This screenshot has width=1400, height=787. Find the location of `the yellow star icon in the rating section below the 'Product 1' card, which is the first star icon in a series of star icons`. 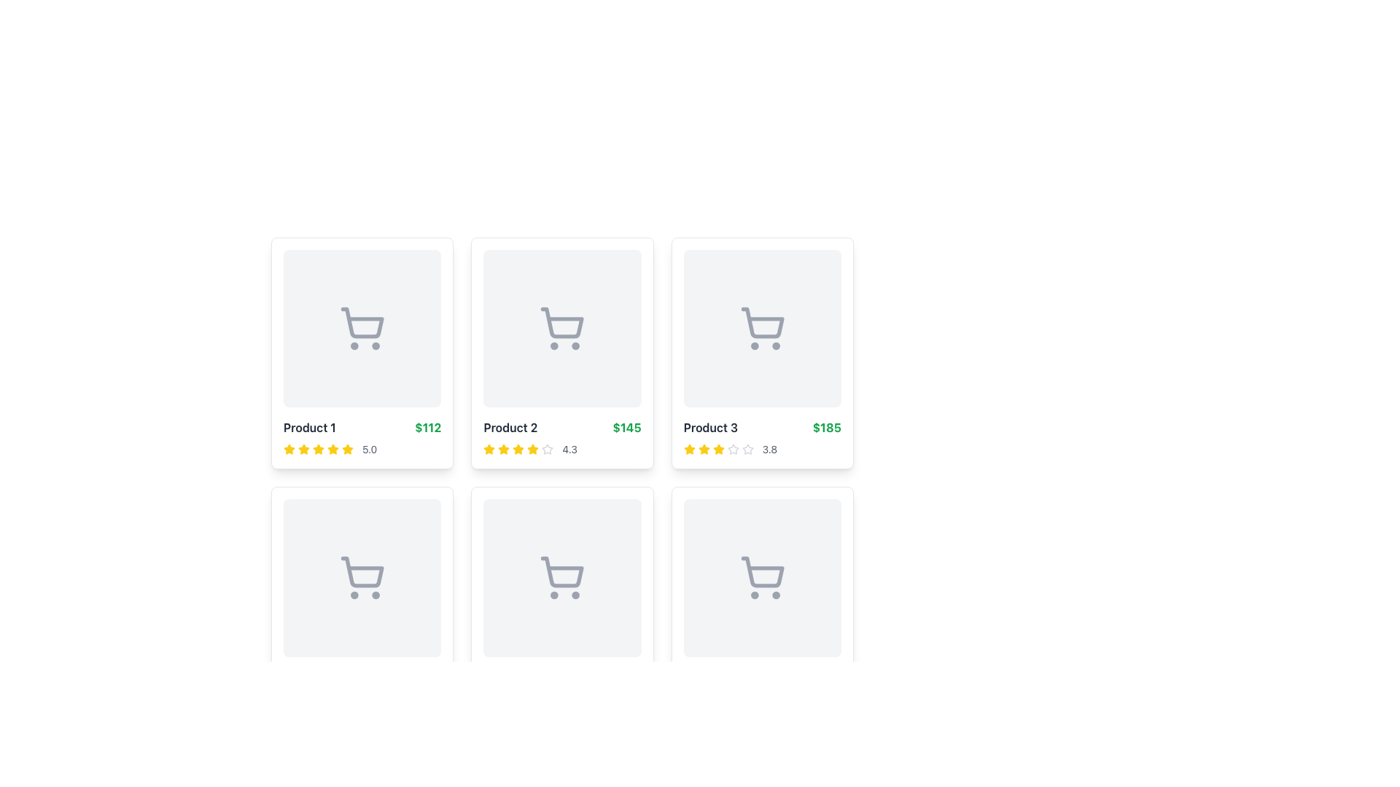

the yellow star icon in the rating section below the 'Product 1' card, which is the first star icon in a series of star icons is located at coordinates (332, 449).